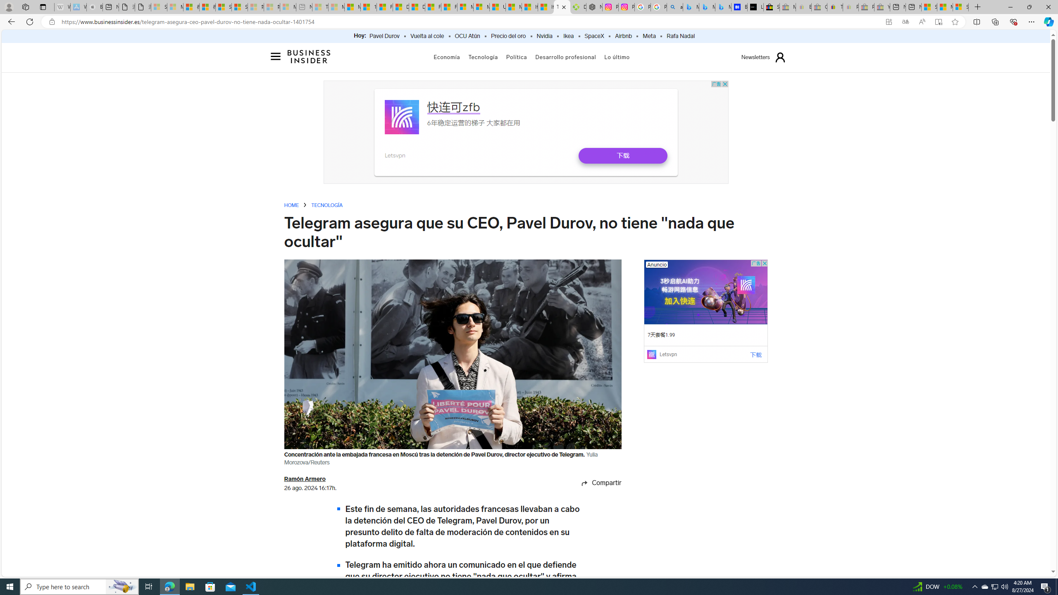 Image resolution: width=1058 pixels, height=595 pixels. I want to click on 'Desarrollo profesional', so click(566, 57).